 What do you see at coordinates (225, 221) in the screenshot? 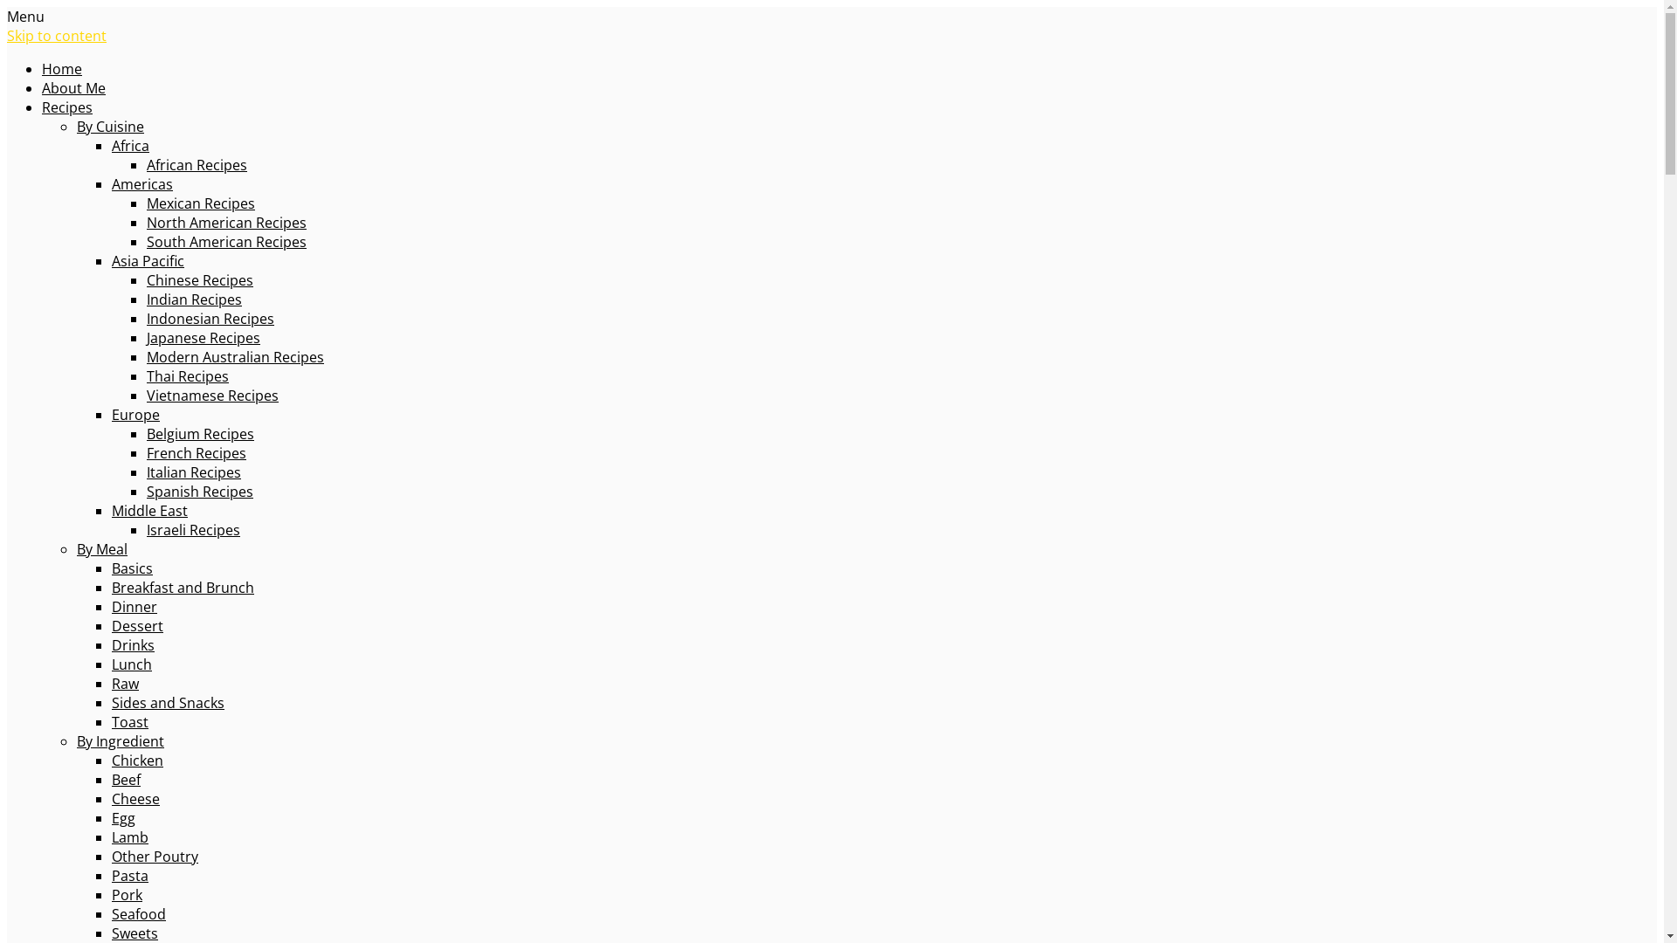
I see `'North American Recipes'` at bounding box center [225, 221].